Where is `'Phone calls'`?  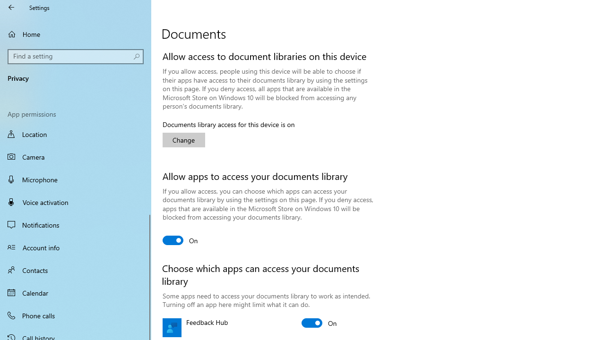 'Phone calls' is located at coordinates (76, 315).